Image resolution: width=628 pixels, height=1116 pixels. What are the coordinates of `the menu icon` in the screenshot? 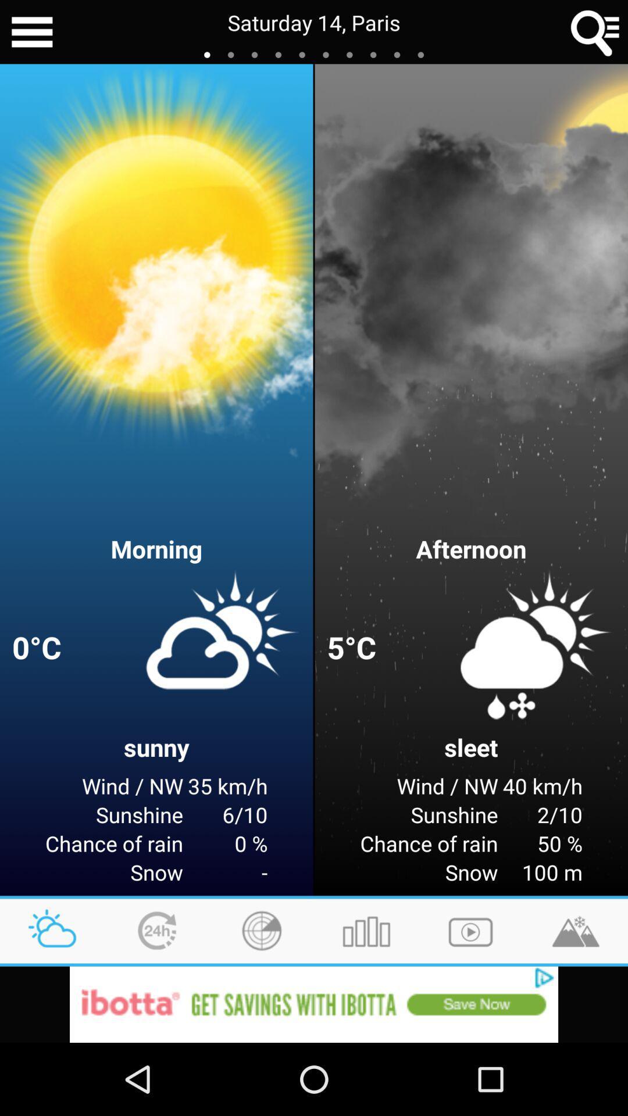 It's located at (31, 34).